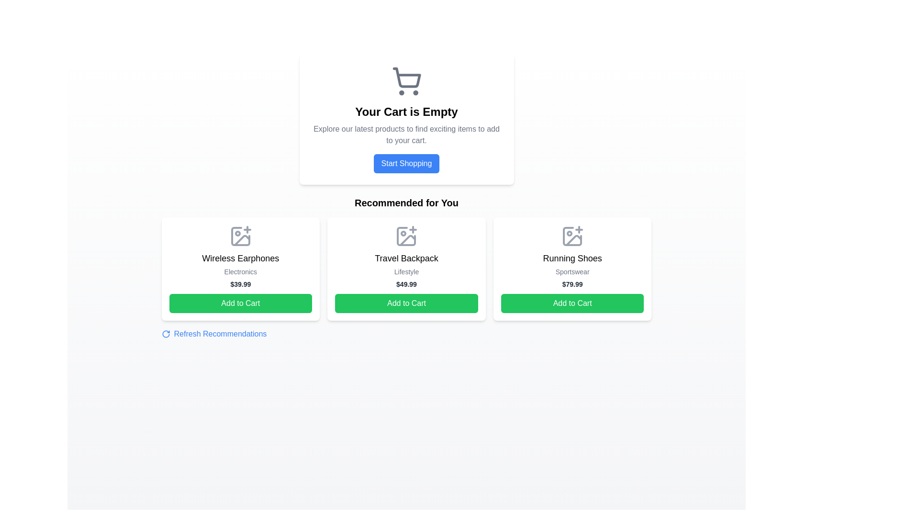 The image size is (919, 517). Describe the element at coordinates (406, 236) in the screenshot. I see `the gray icon with a plus sign located at the top center of the 'Travel Backpack' card, above the text 'Travel Backpack'` at that location.